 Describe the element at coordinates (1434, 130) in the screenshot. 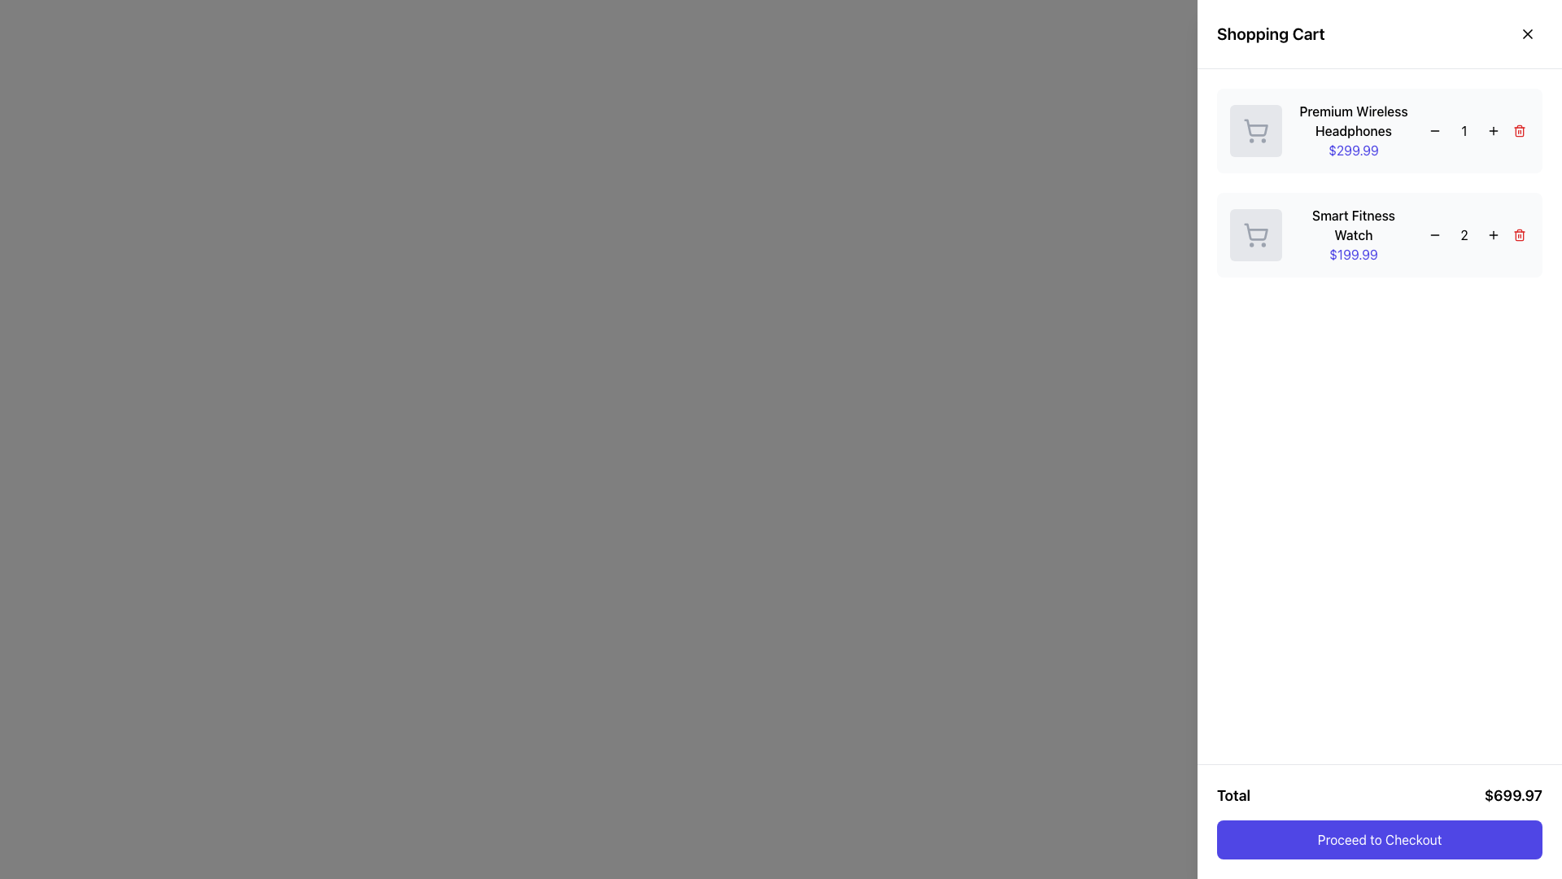

I see `the decrement icon button located to the right of 'Premium Wireless Headphones' to reduce the quantity of the item in the shopping cart` at that location.